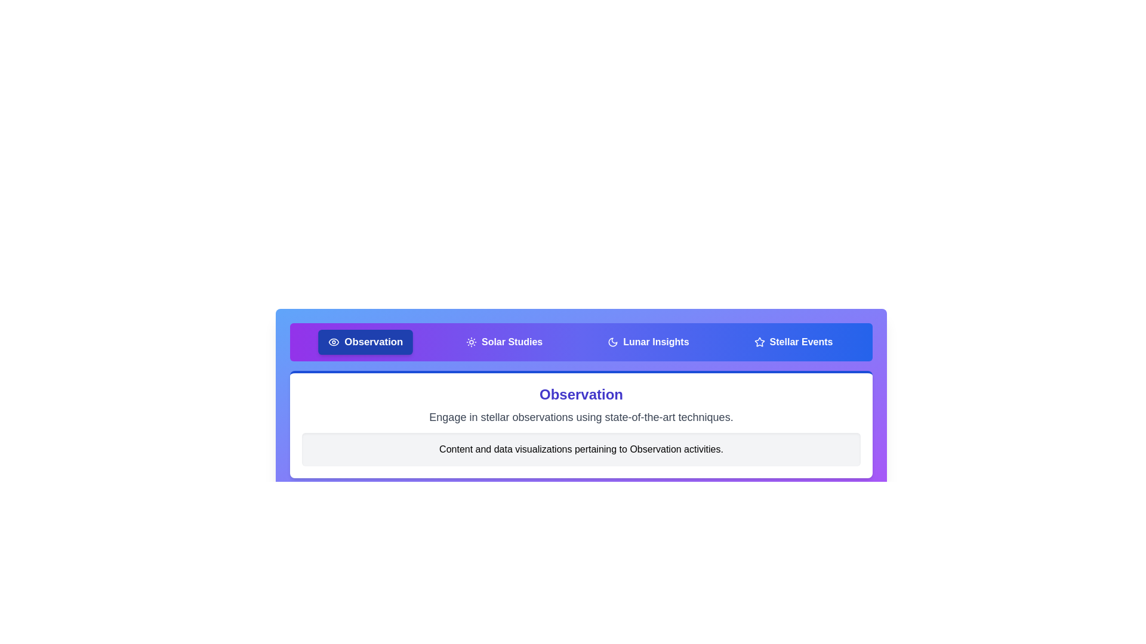 This screenshot has width=1146, height=644. What do you see at coordinates (504, 342) in the screenshot?
I see `the tab labeled Solar Studies to observe its hover effect` at bounding box center [504, 342].